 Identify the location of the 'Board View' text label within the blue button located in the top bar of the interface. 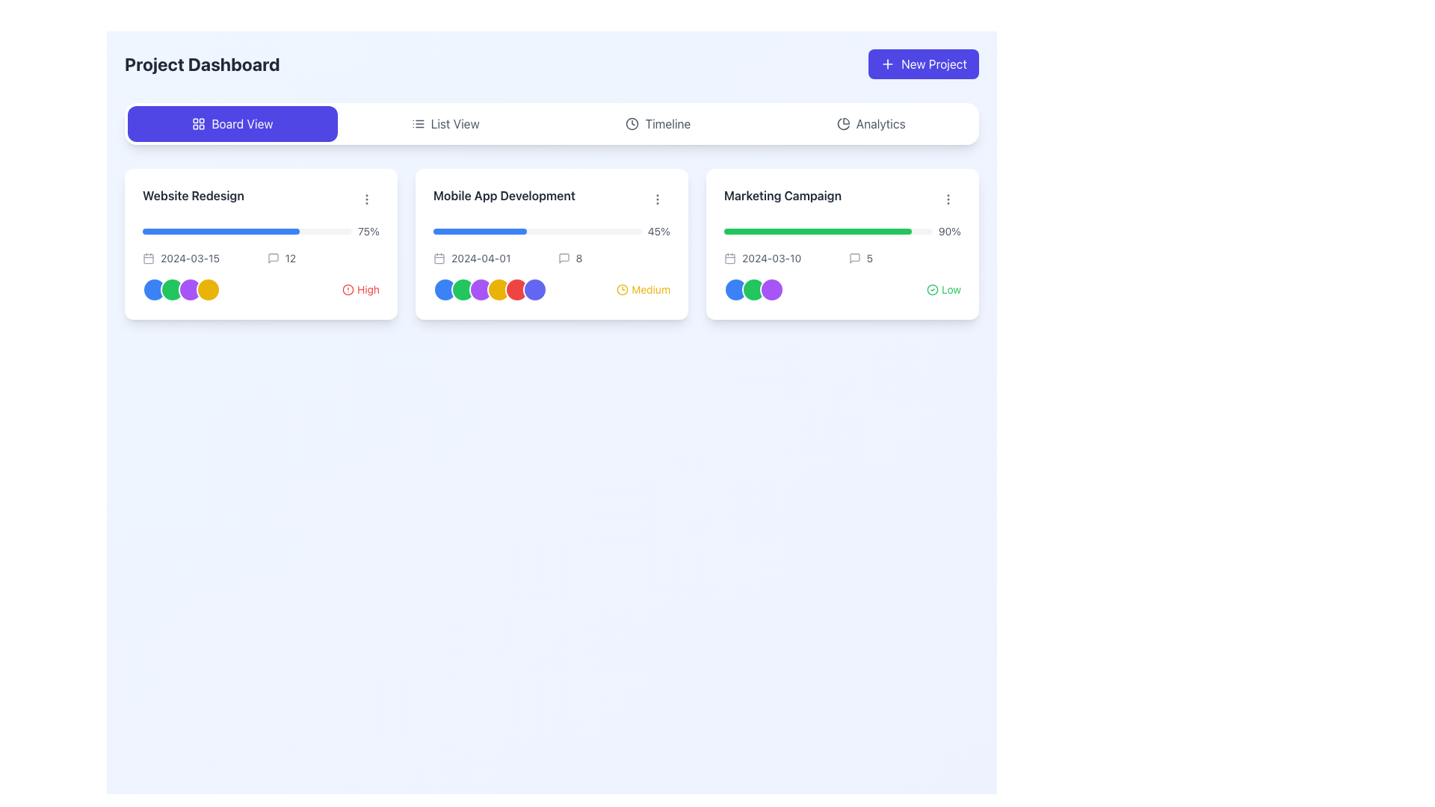
(242, 123).